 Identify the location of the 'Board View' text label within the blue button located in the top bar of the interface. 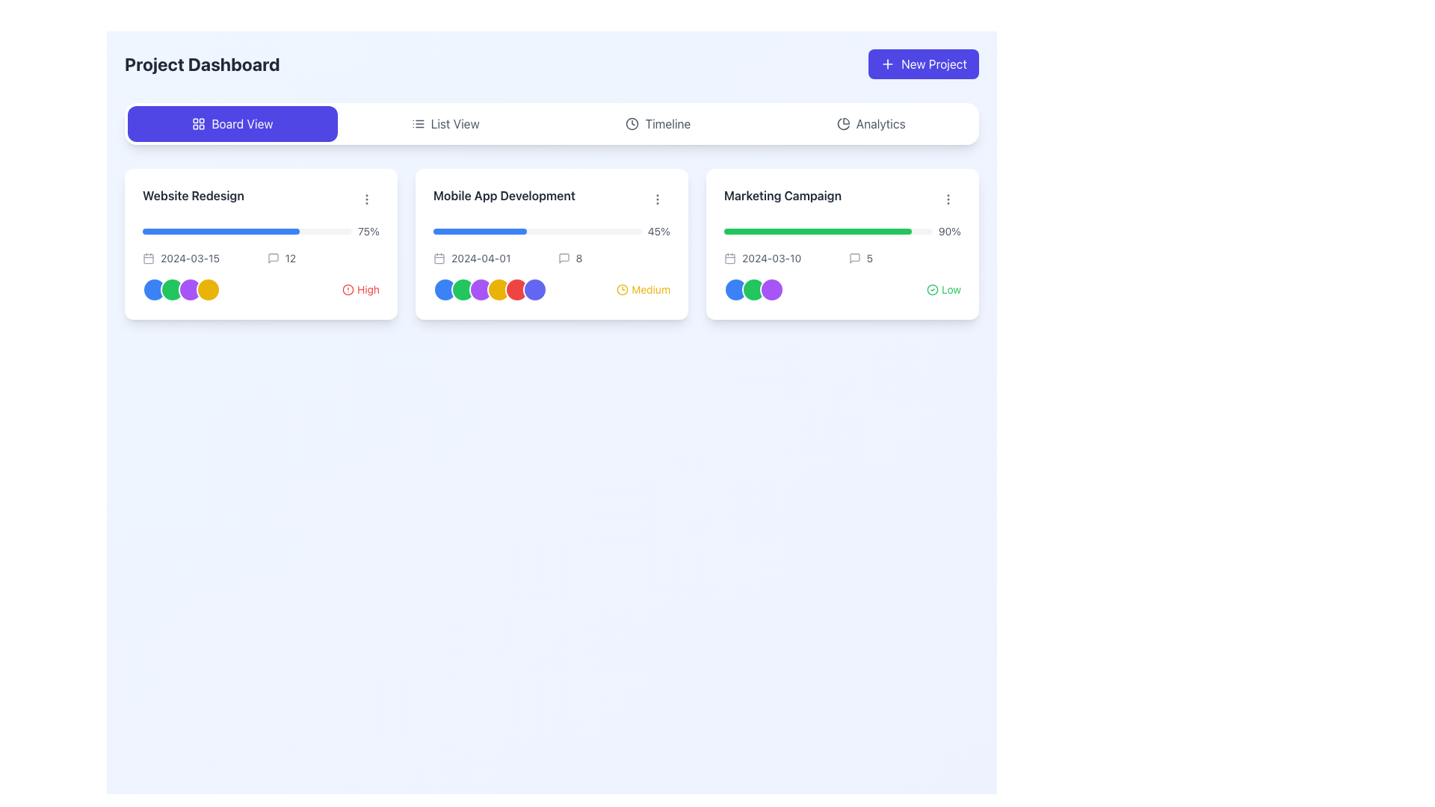
(242, 123).